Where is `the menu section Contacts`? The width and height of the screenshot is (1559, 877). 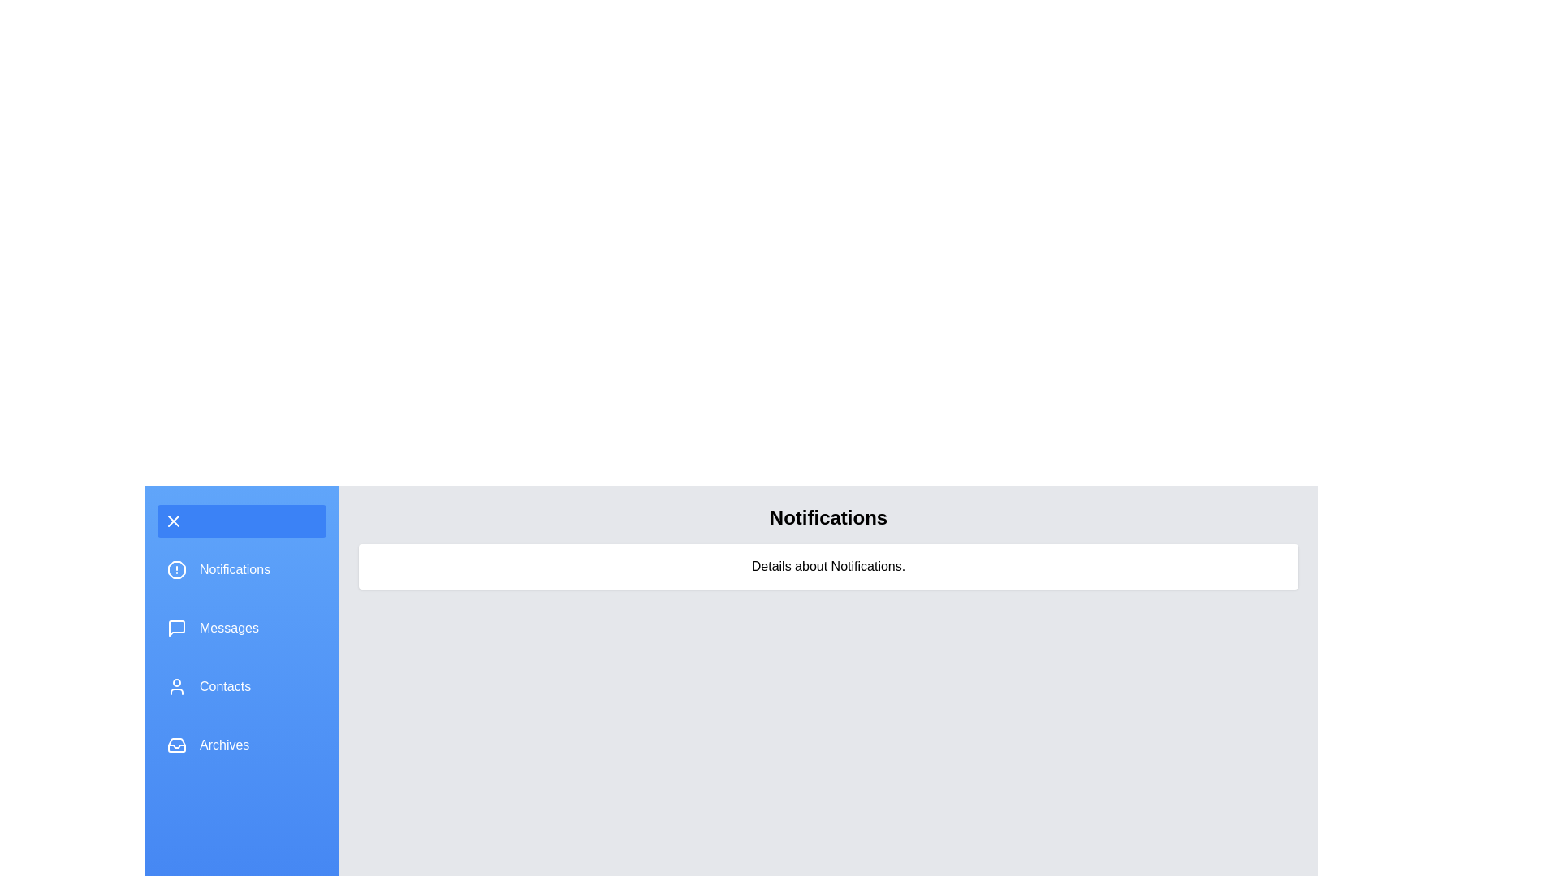
the menu section Contacts is located at coordinates (240, 686).